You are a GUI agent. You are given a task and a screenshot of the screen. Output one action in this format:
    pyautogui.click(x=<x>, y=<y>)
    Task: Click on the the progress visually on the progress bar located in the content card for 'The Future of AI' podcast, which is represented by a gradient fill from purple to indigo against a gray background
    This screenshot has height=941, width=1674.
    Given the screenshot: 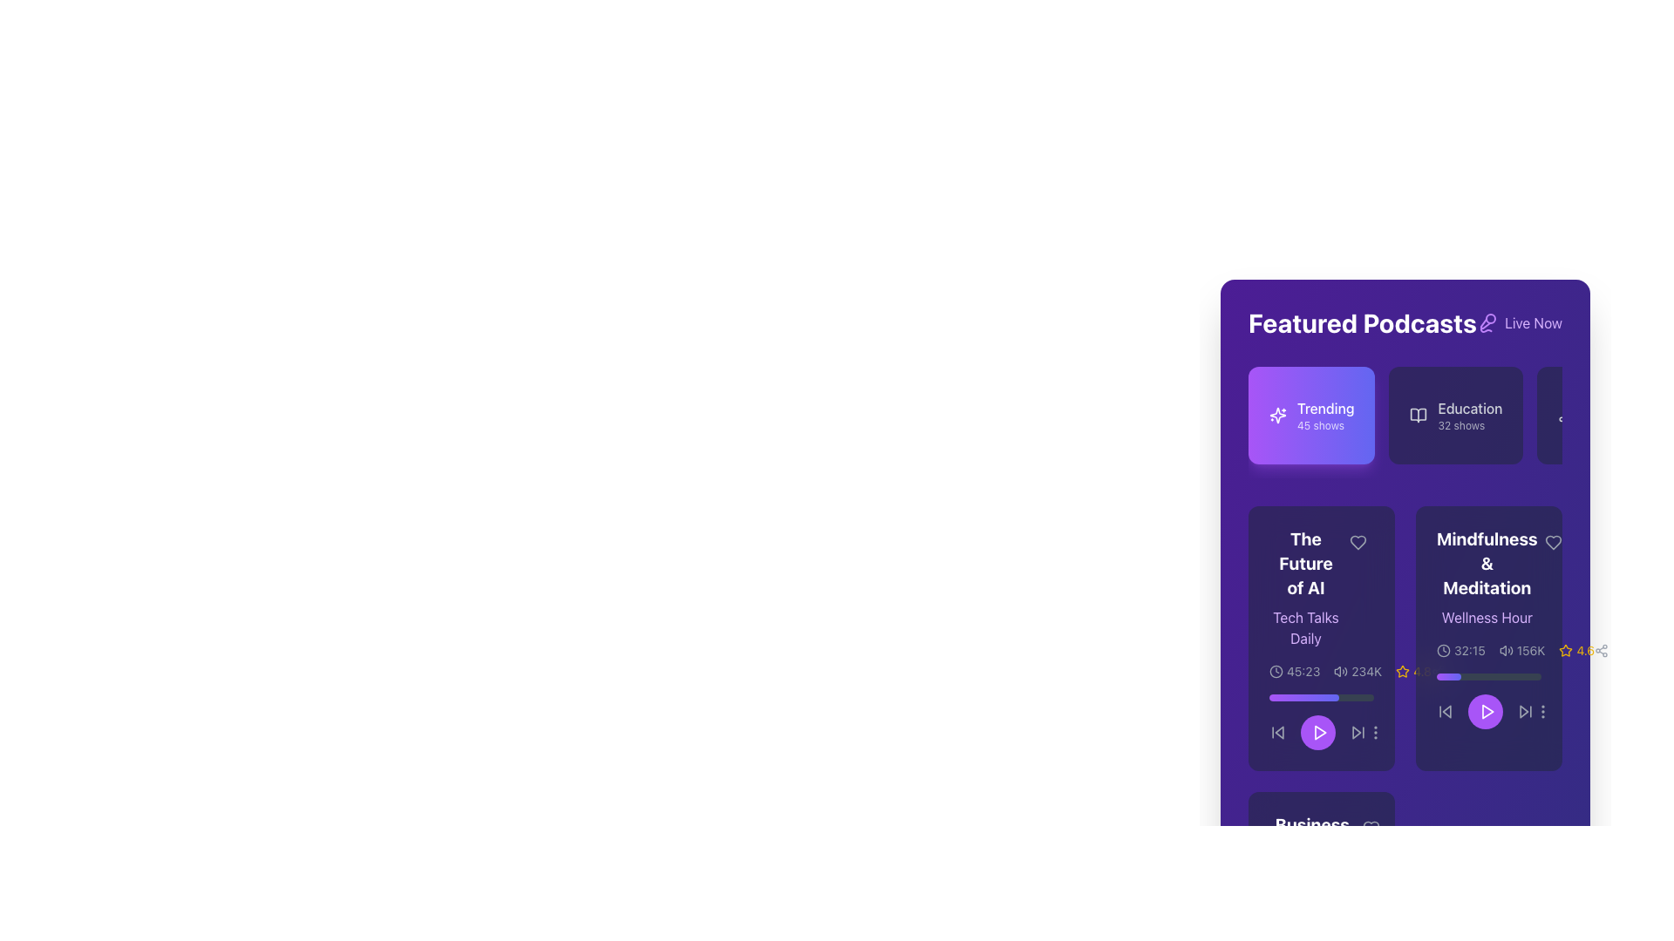 What is the action you would take?
    pyautogui.click(x=1322, y=697)
    